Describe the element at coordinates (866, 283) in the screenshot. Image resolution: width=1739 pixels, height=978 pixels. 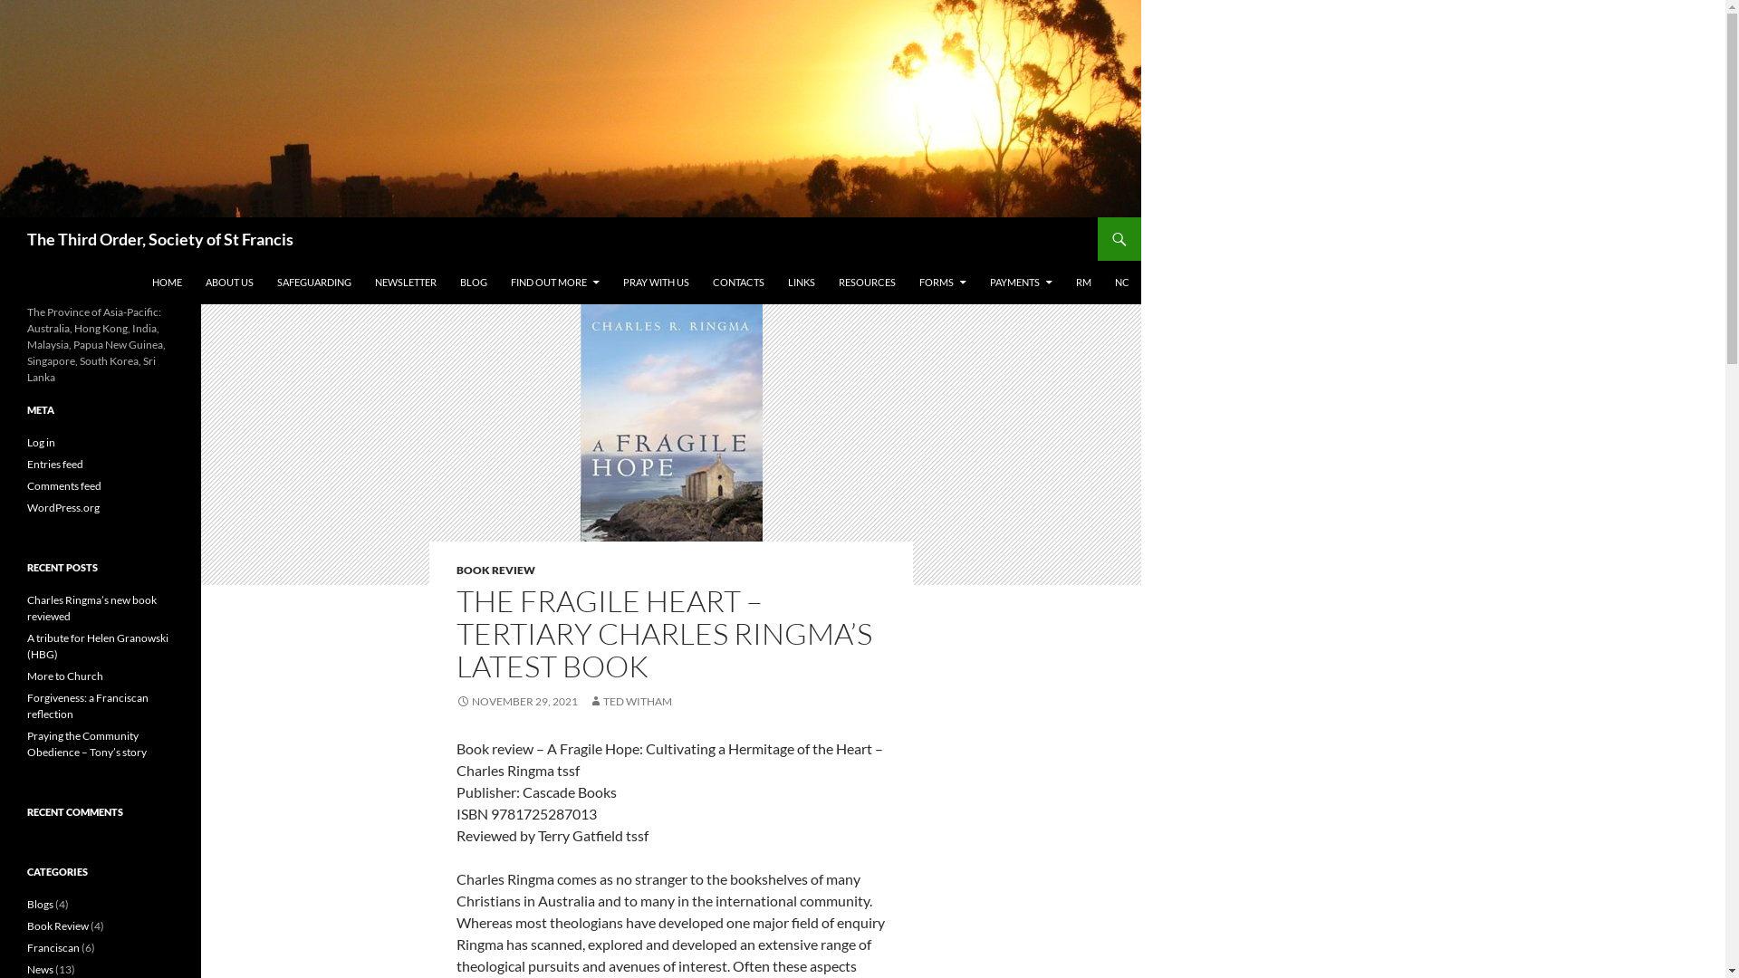
I see `'RESOURCES'` at that location.